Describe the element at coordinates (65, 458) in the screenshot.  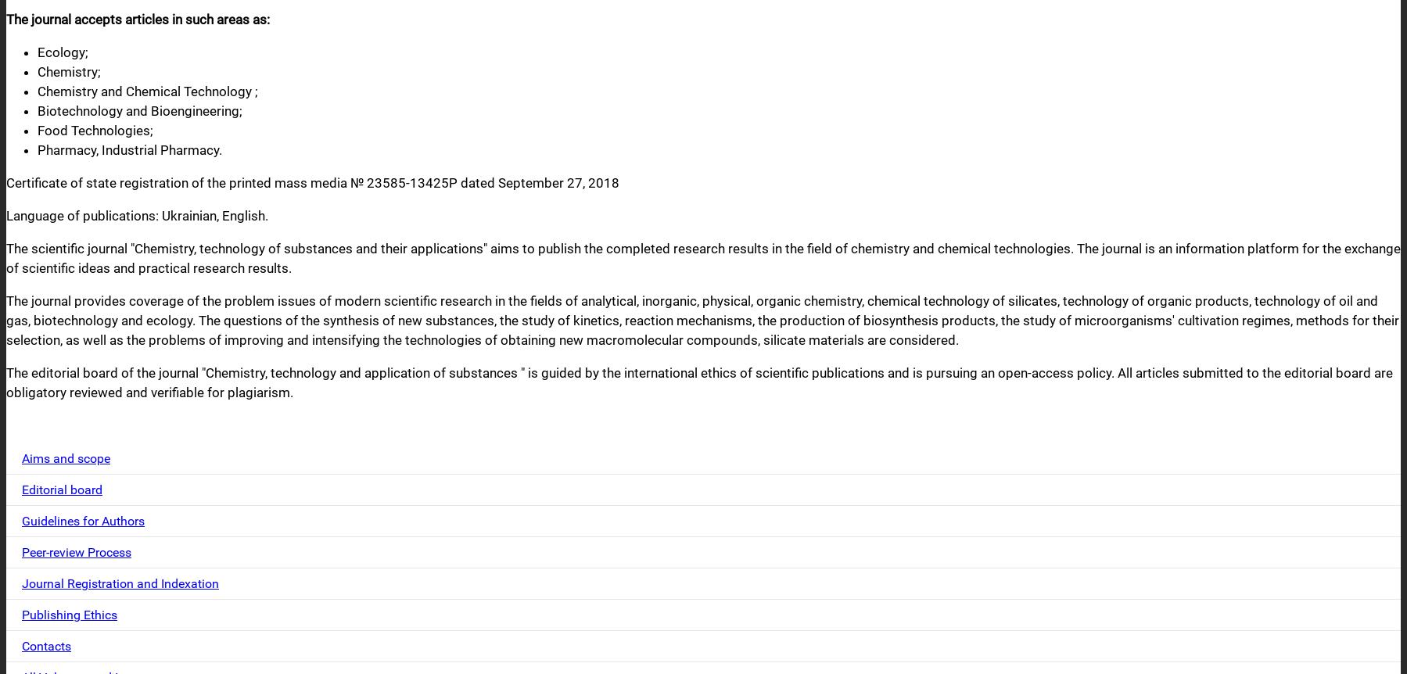
I see `'Aims and scope'` at that location.